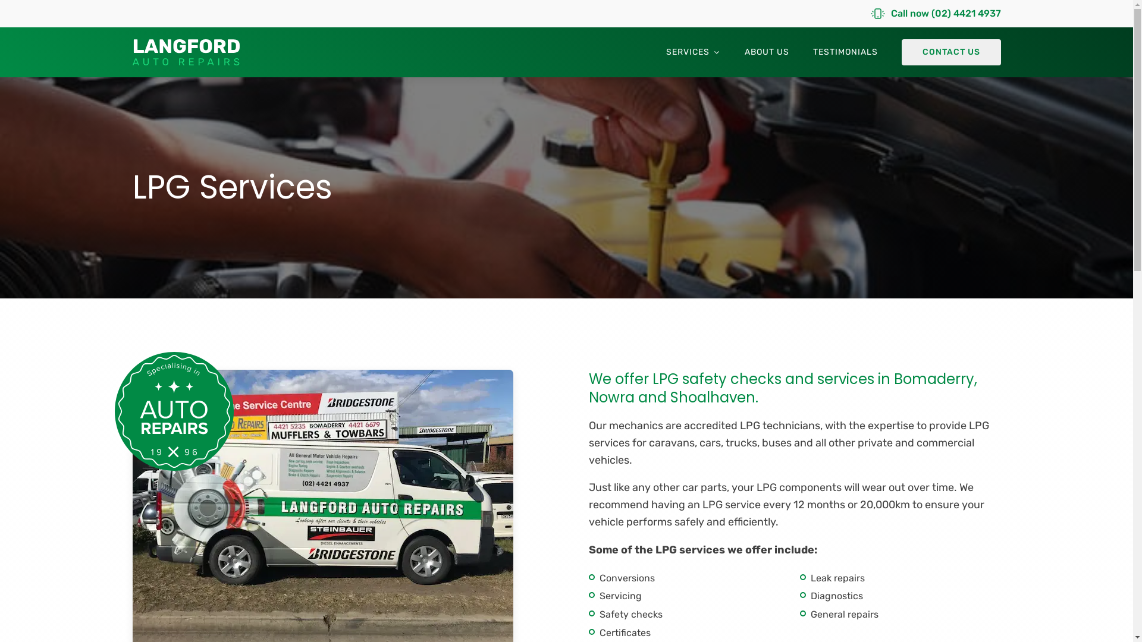  Describe the element at coordinates (871, 14) in the screenshot. I see `'Call now (02) 4421 4937'` at that location.